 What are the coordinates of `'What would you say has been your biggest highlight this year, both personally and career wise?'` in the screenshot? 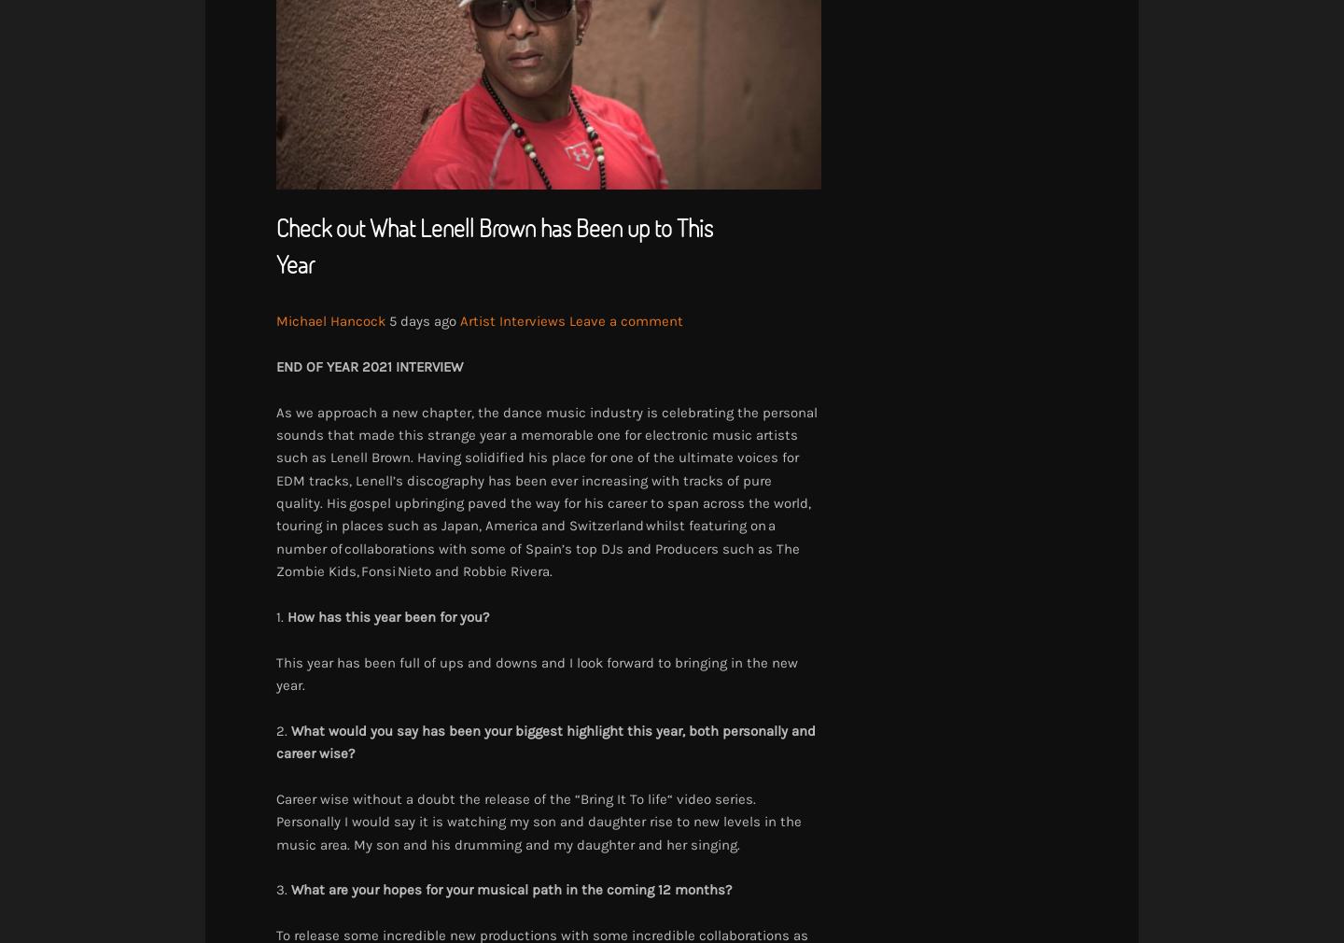 It's located at (545, 741).